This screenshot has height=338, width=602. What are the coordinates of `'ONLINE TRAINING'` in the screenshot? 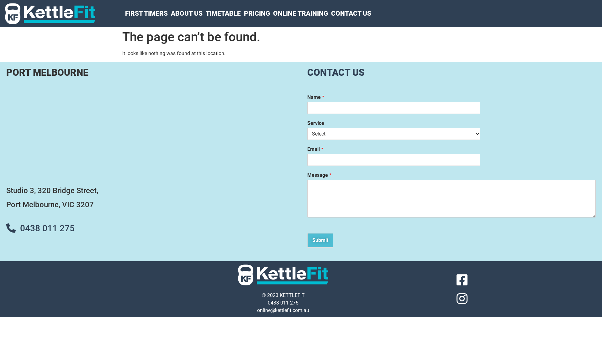 It's located at (300, 13).